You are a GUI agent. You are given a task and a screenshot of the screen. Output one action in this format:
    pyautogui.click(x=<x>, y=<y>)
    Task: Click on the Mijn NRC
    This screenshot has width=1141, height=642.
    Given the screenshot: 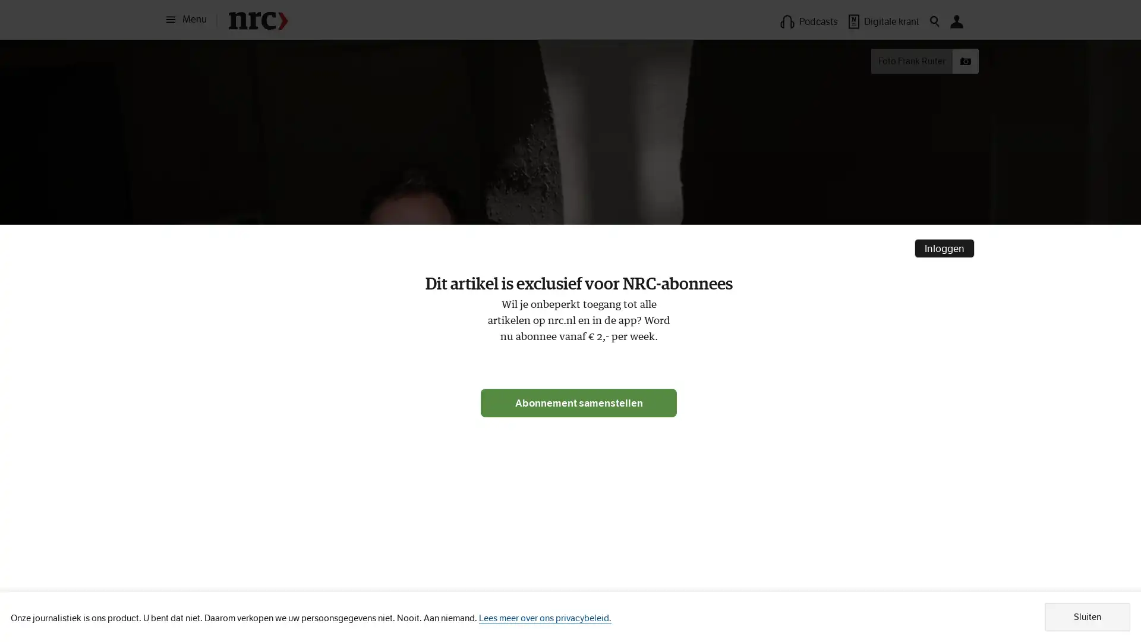 What is the action you would take?
    pyautogui.click(x=956, y=21)
    